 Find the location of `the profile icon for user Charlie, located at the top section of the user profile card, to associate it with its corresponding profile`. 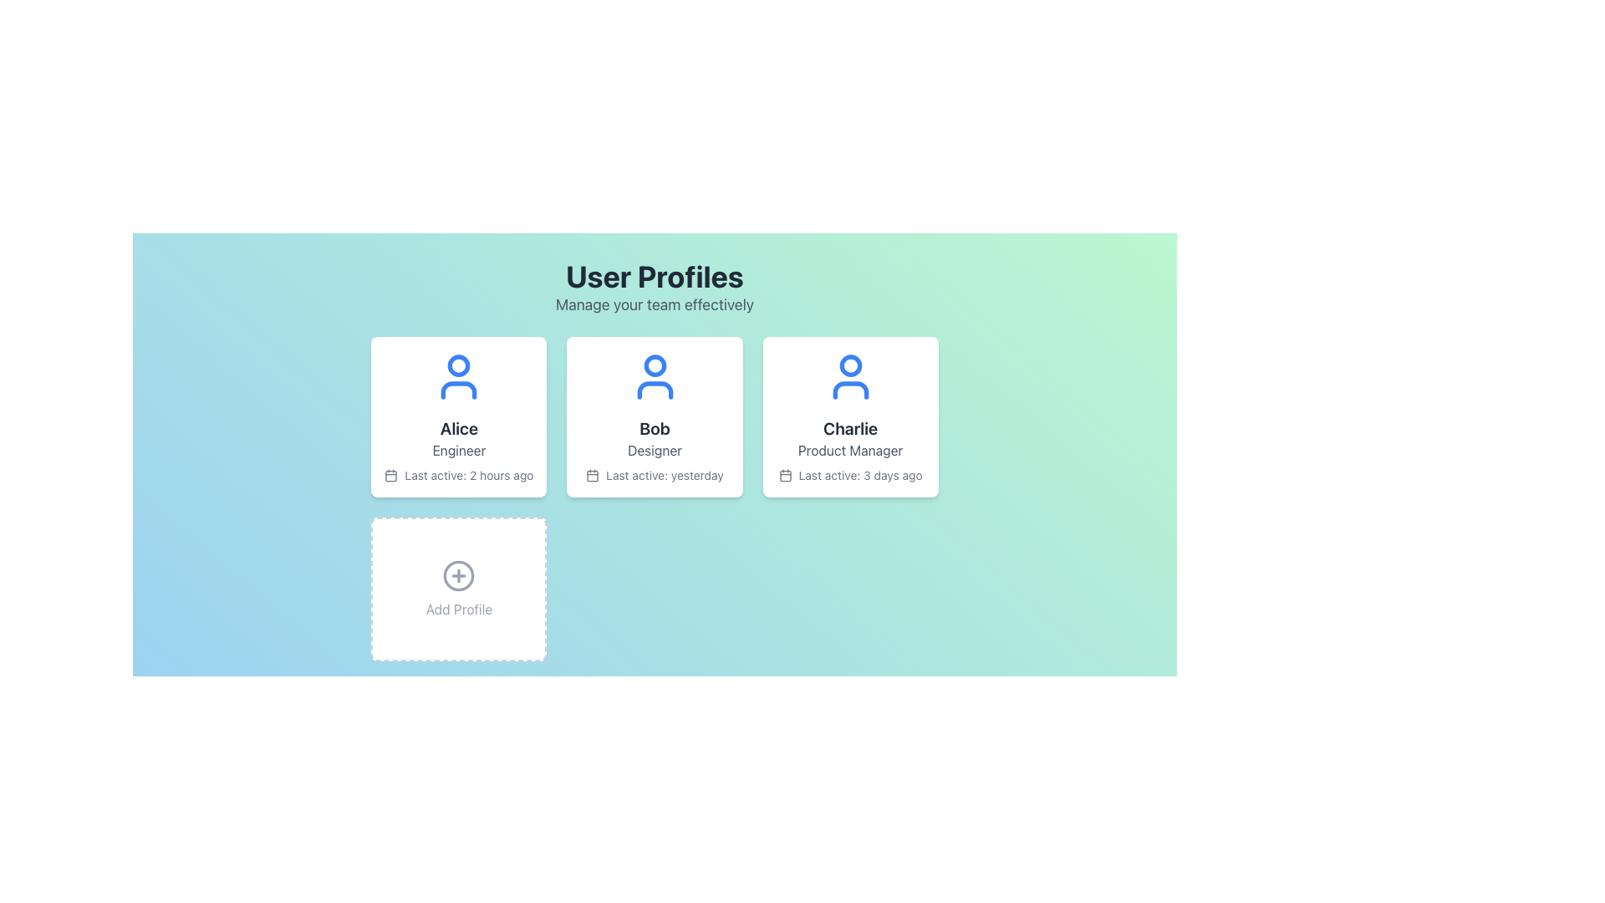

the profile icon for user Charlie, located at the top section of the user profile card, to associate it with its corresponding profile is located at coordinates (850, 377).